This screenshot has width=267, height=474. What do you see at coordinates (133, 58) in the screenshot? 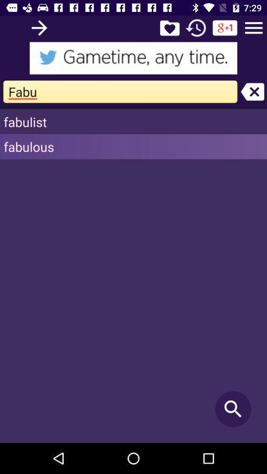
I see `display advertisement` at bounding box center [133, 58].